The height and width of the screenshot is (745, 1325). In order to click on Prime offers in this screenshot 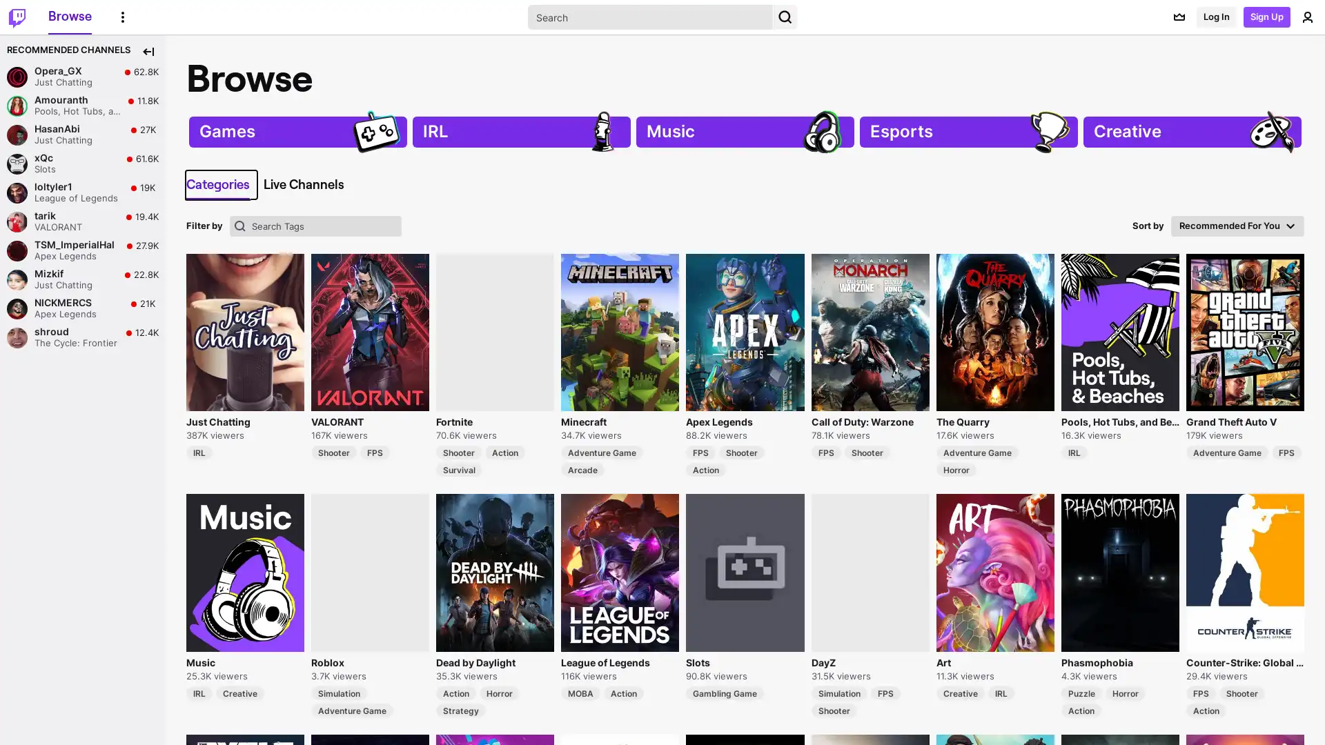, I will do `click(1178, 17)`.